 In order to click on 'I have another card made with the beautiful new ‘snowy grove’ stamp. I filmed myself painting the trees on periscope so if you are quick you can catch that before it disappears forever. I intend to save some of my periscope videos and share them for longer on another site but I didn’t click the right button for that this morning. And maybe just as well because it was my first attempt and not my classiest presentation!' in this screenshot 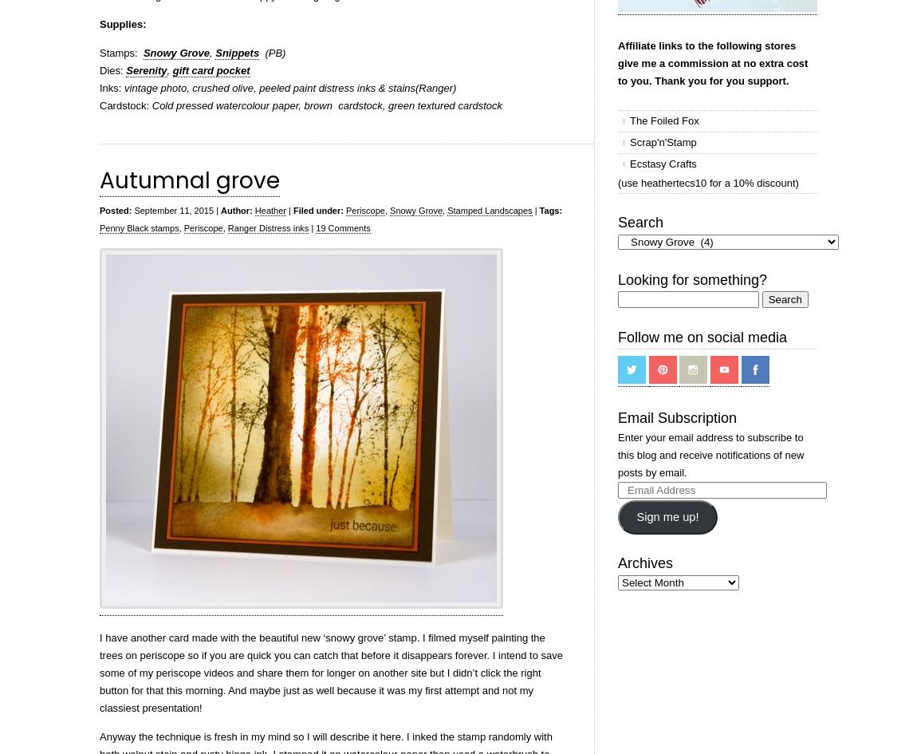, I will do `click(331, 673)`.